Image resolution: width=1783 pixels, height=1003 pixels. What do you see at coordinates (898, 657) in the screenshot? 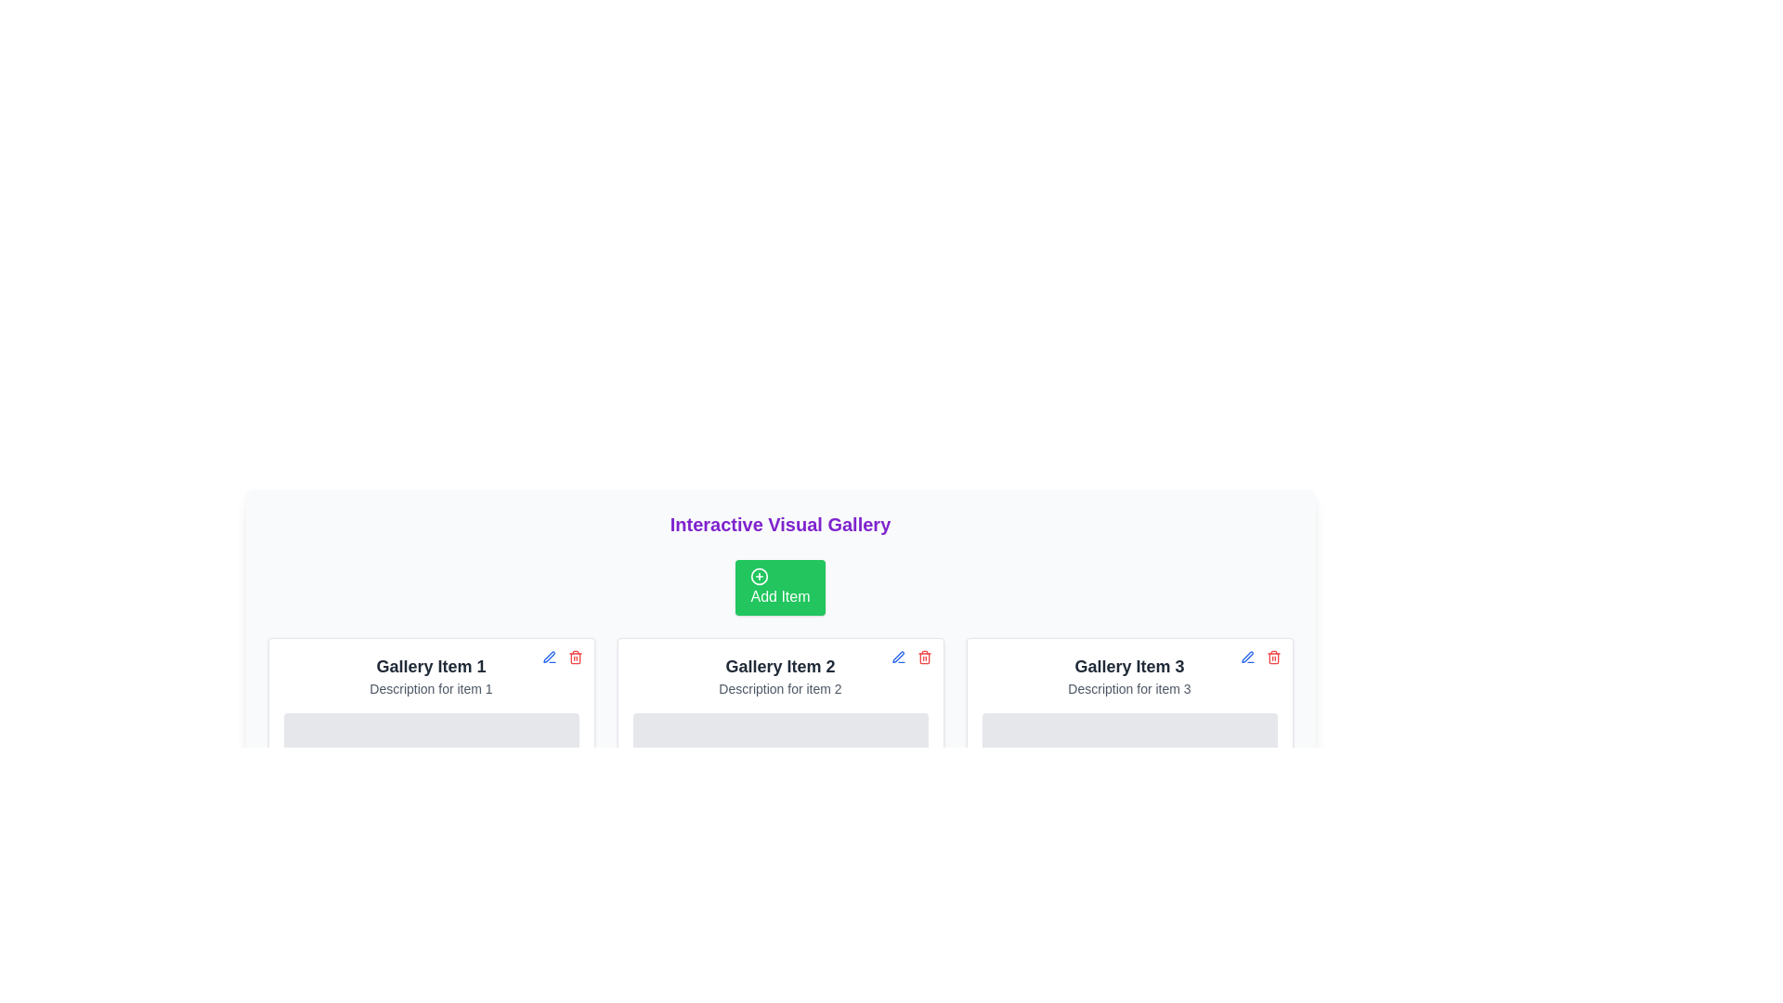
I see `the edit icon resembling a pen located to the left of the trash can icon within the second gallery item (Gallery Item 2)` at bounding box center [898, 657].